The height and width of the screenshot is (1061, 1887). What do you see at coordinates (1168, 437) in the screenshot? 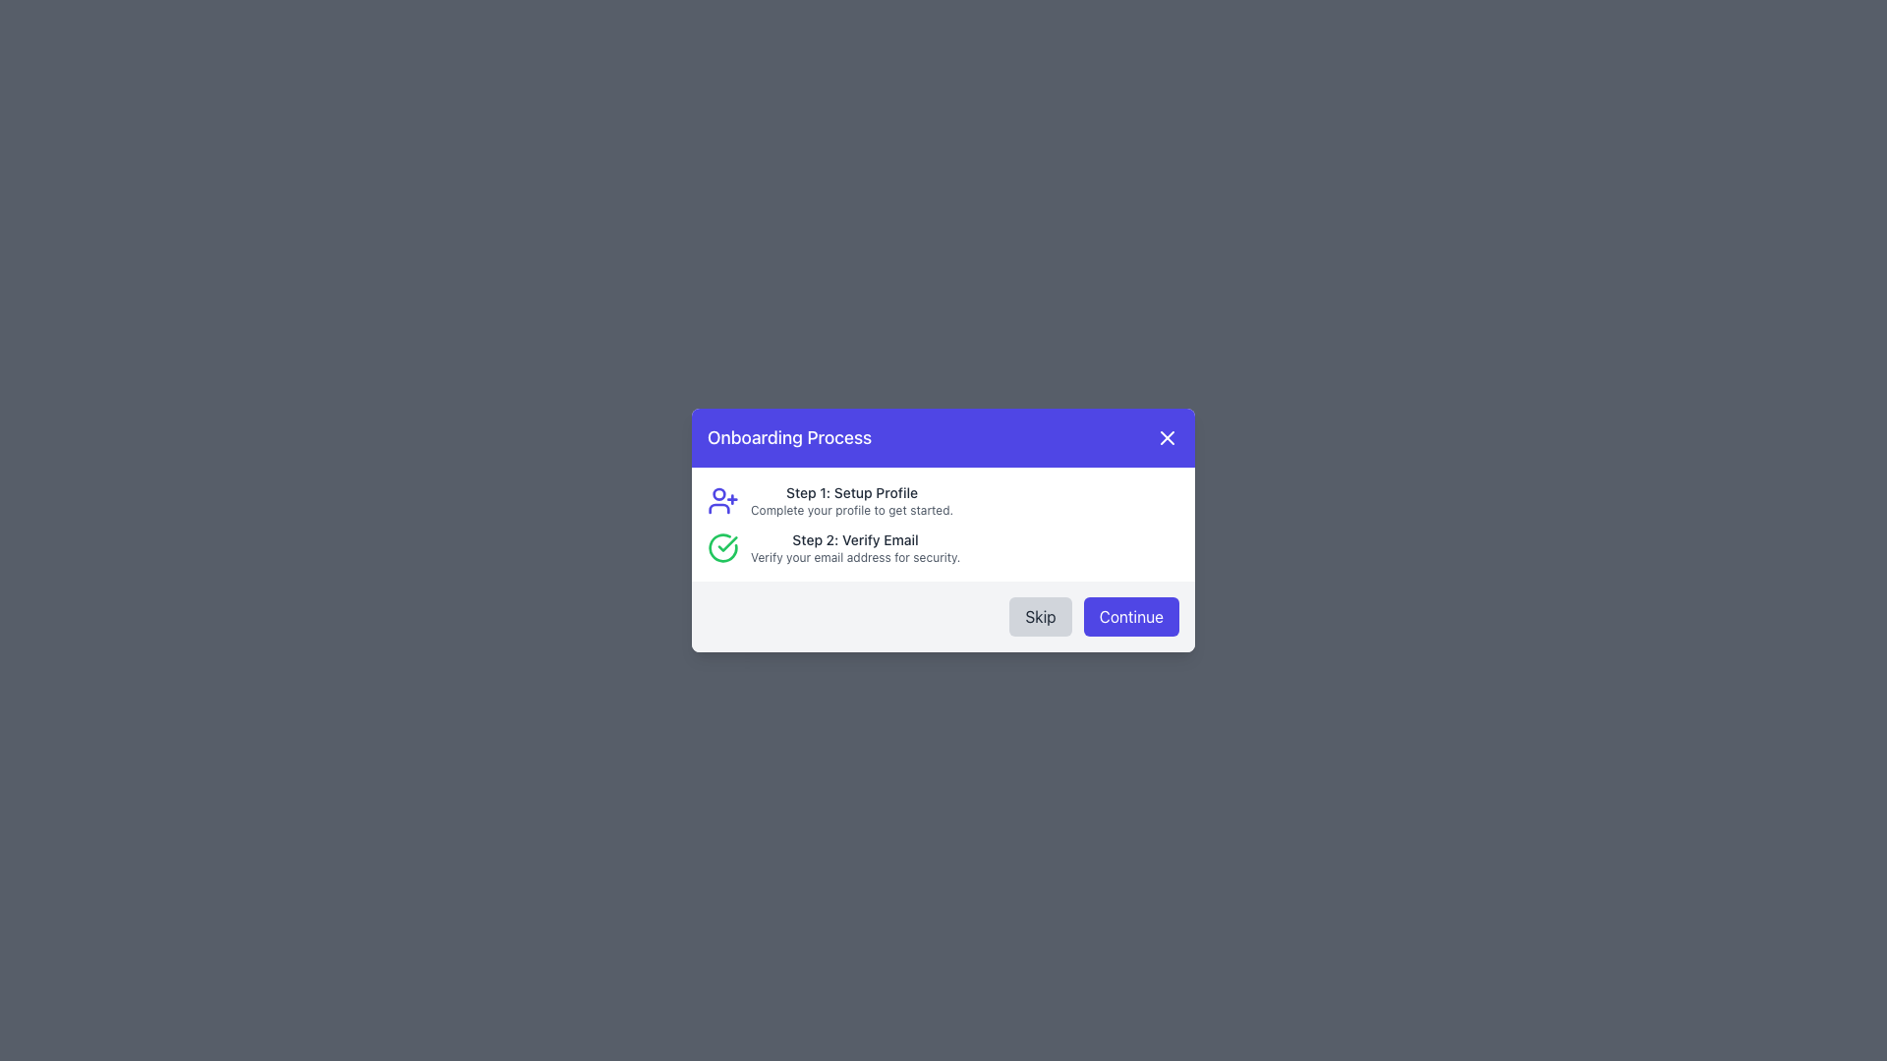
I see `the Close button located in the top-right corner of the dialog box` at bounding box center [1168, 437].